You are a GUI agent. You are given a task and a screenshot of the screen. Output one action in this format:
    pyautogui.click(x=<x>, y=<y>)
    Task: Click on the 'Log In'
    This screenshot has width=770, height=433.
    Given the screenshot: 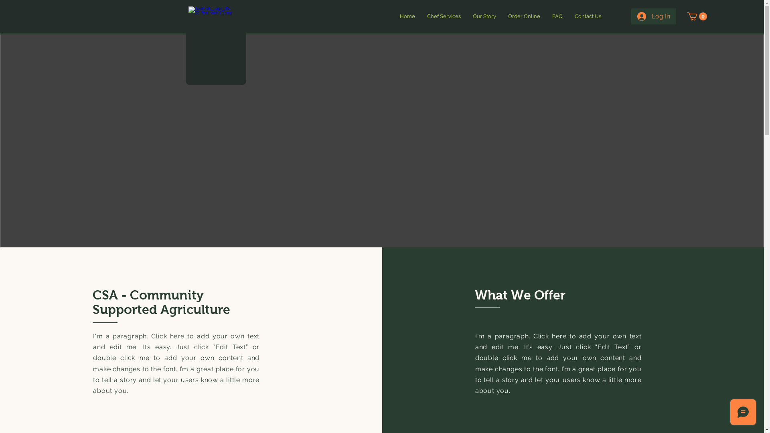 What is the action you would take?
    pyautogui.click(x=631, y=16)
    